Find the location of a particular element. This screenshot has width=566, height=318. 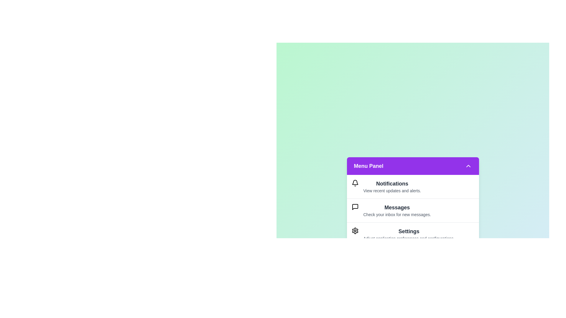

the menu item Messages from the list is located at coordinates (412, 210).